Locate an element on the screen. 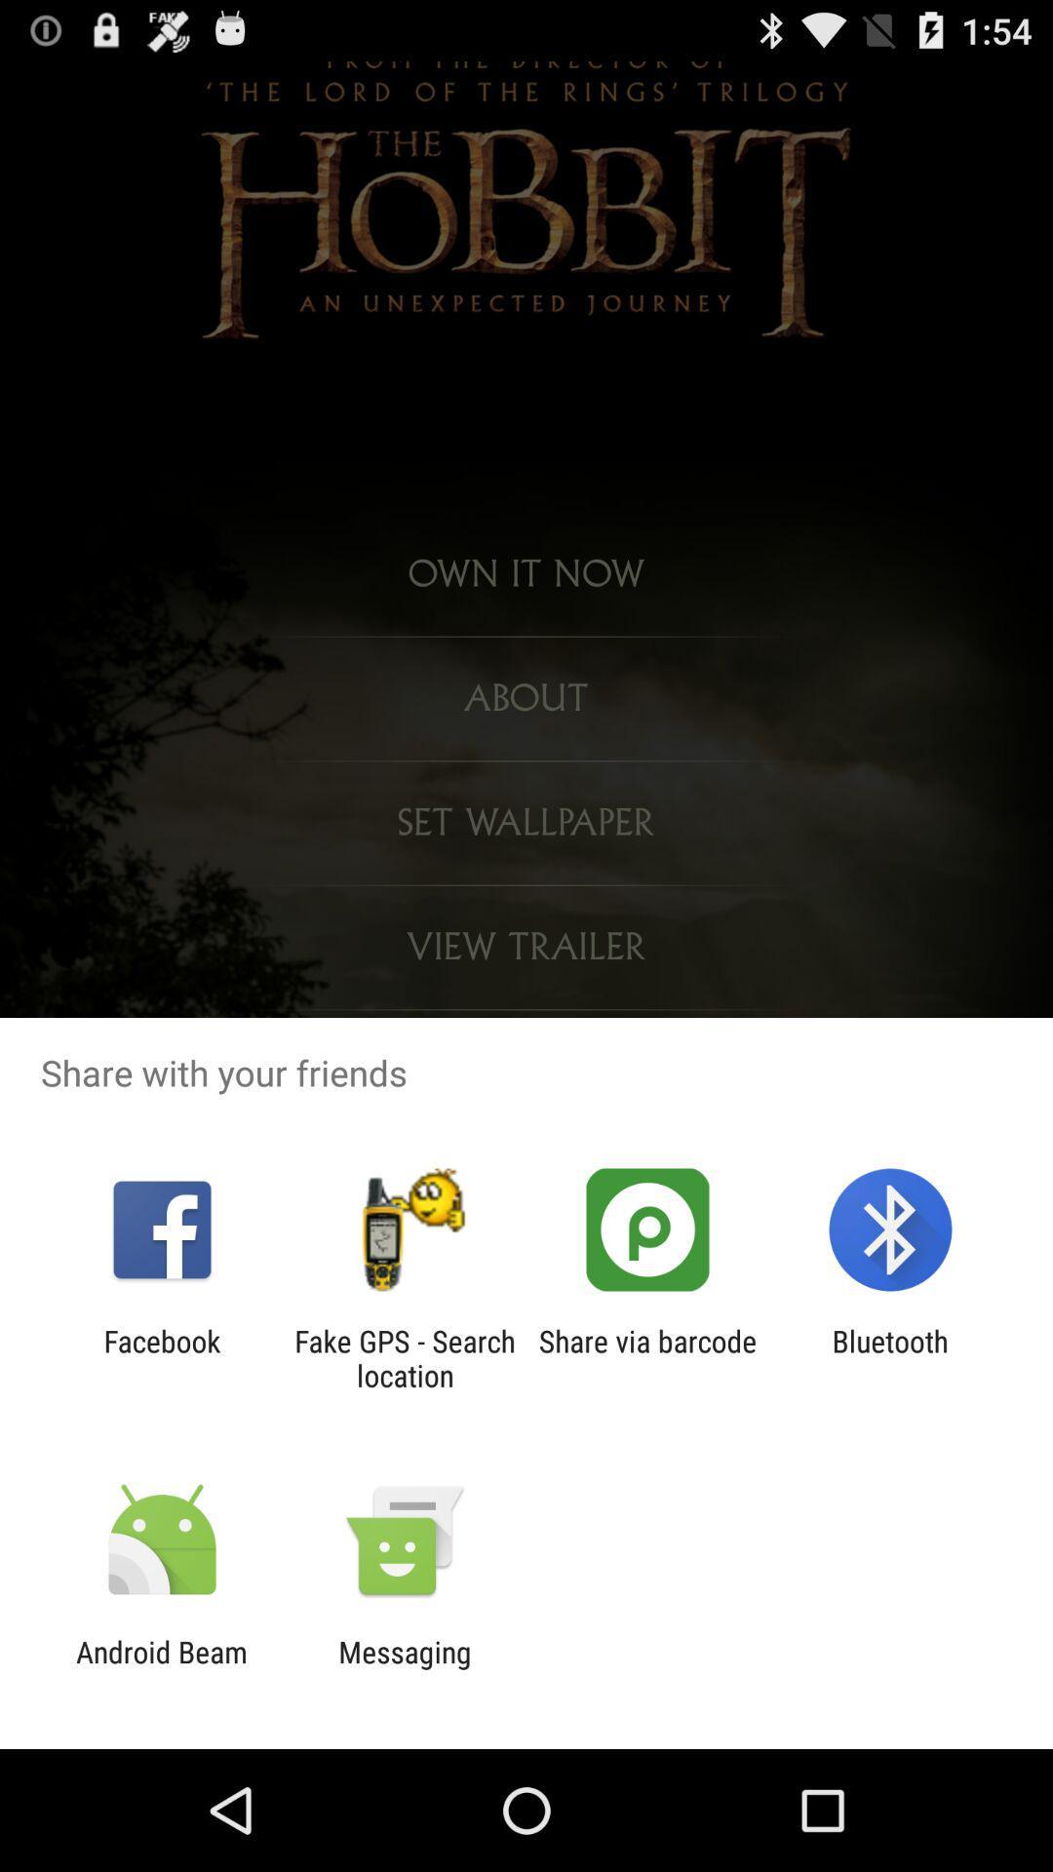  the icon next to the fake gps search is located at coordinates (647, 1357).